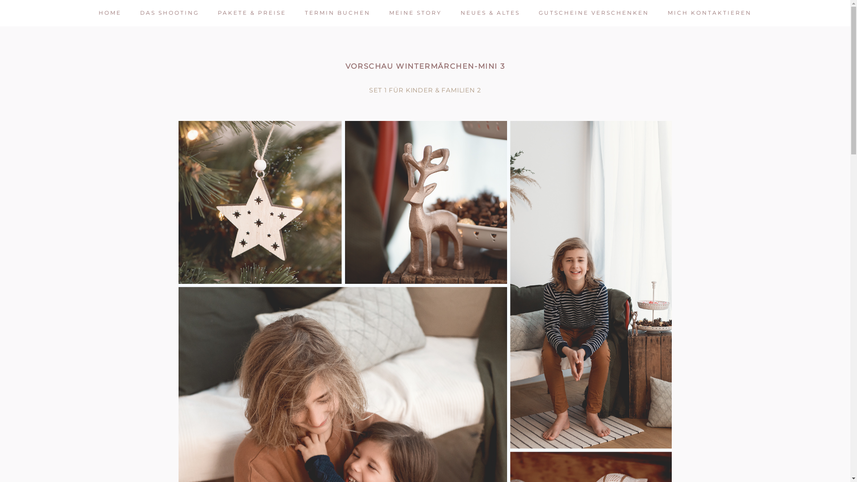  I want to click on 'NEUES & ALTES', so click(490, 12).